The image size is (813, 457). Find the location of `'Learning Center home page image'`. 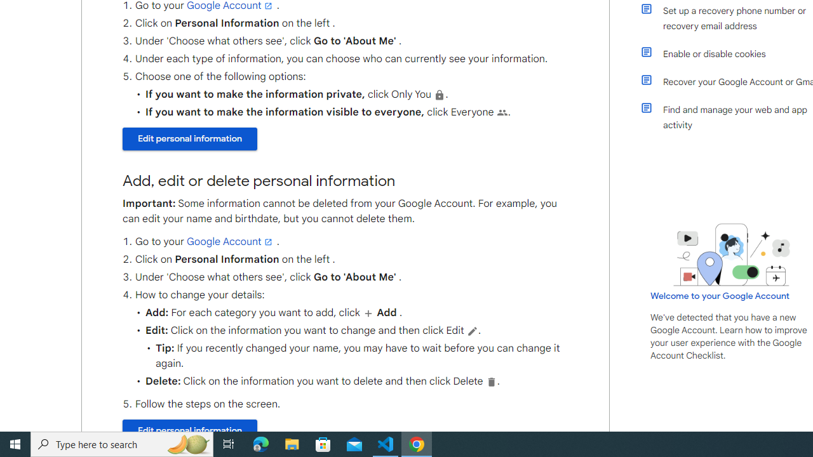

'Learning Center home page image' is located at coordinates (732, 255).